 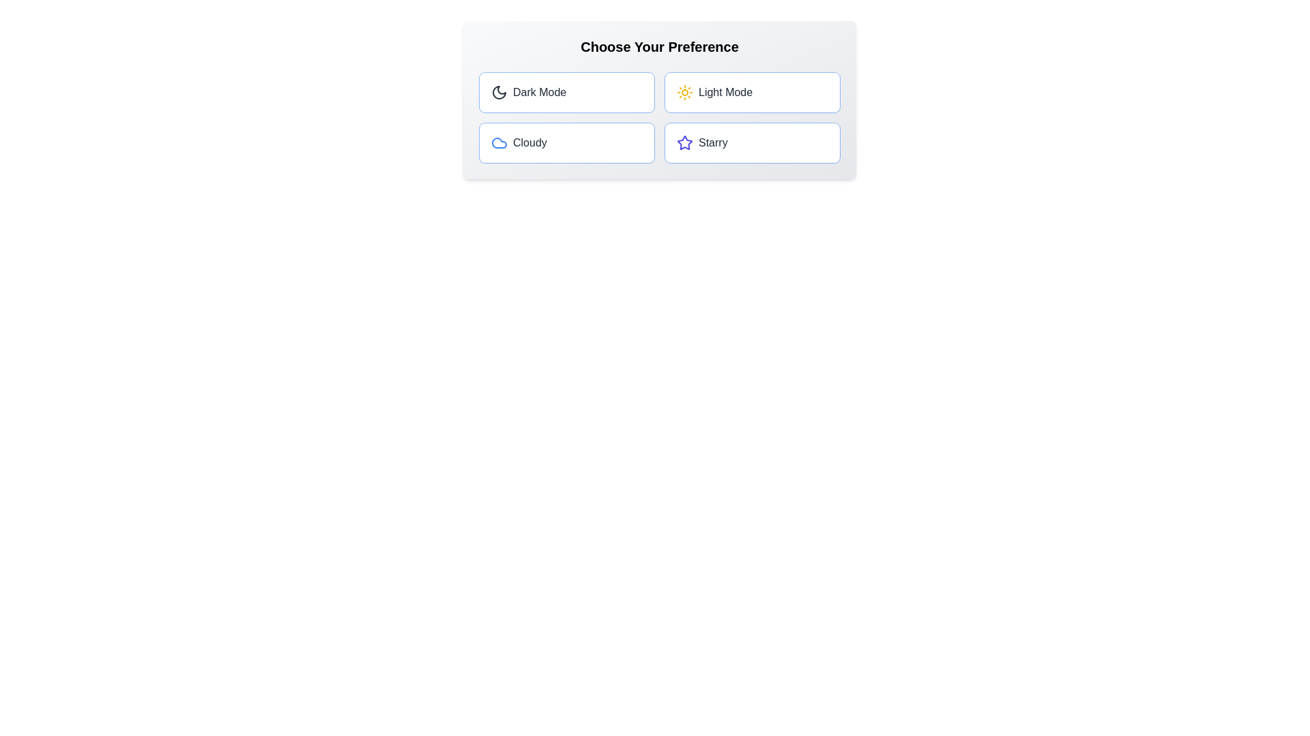 I want to click on the 'Cloudy' button located in the lower-left corner of the grid structure, so click(x=566, y=142).